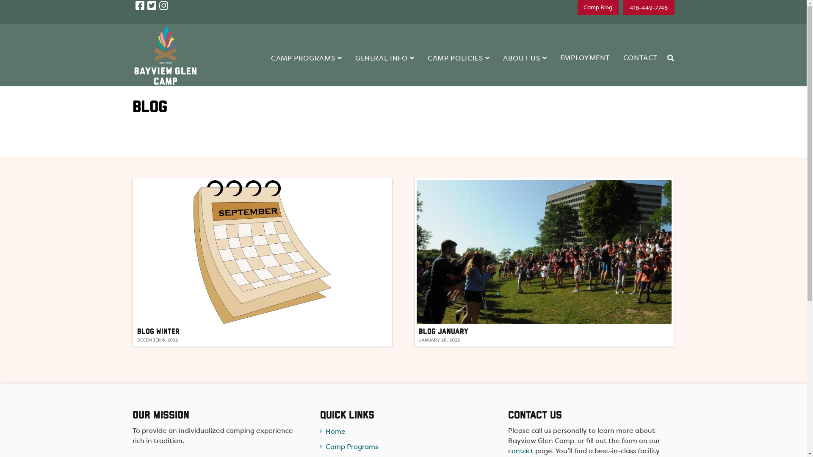 This screenshot has height=457, width=813. Describe the element at coordinates (458, 42) in the screenshot. I see `'CAMP POLICIES'` at that location.